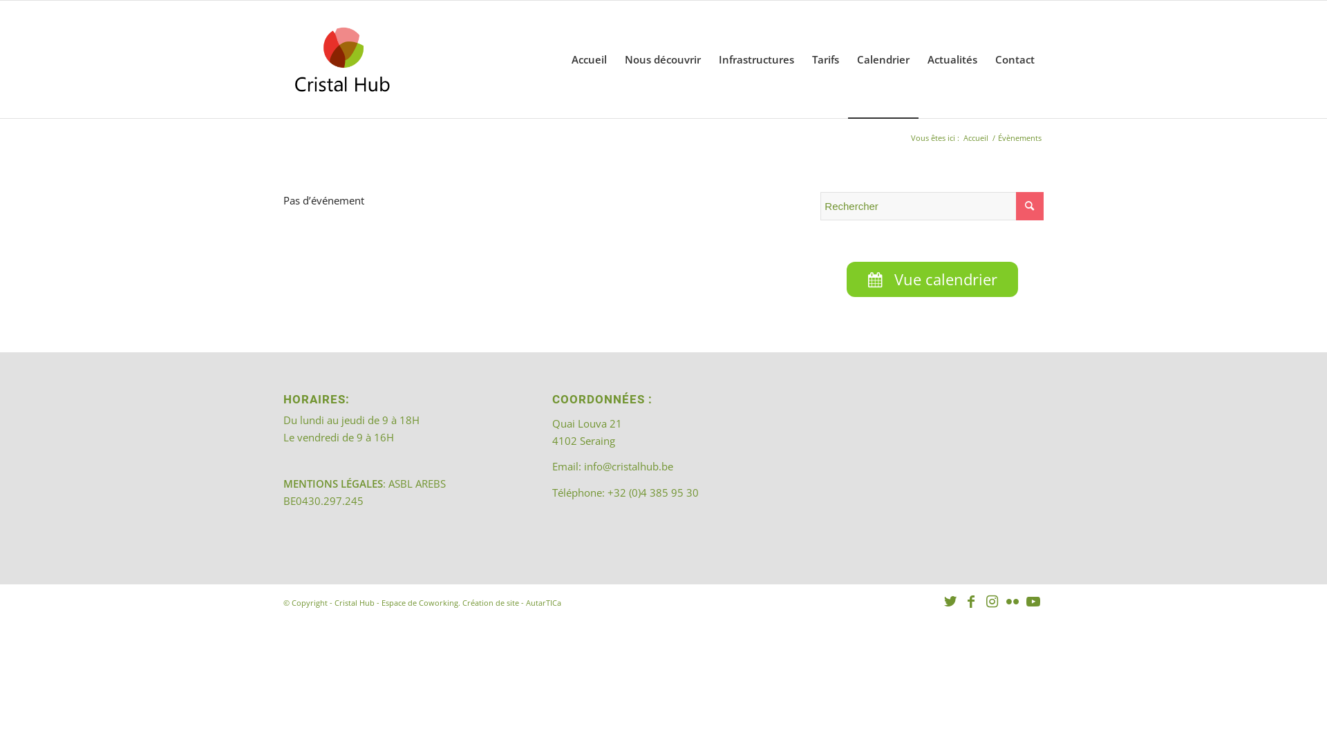 The width and height of the screenshot is (1327, 746). I want to click on 'Accueil', so click(589, 58).